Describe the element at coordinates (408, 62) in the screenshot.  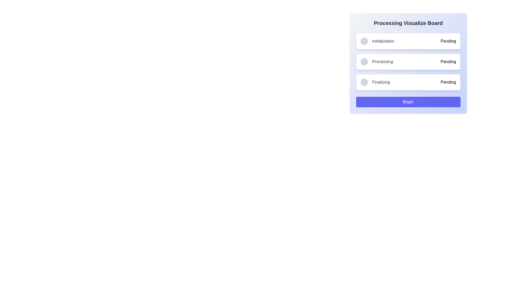
I see `the visual status of the 'Processing' section in the multi-step status indicator panel, which is centered below the 'Processing Visualize Board' title and above the 'Begin' button` at that location.